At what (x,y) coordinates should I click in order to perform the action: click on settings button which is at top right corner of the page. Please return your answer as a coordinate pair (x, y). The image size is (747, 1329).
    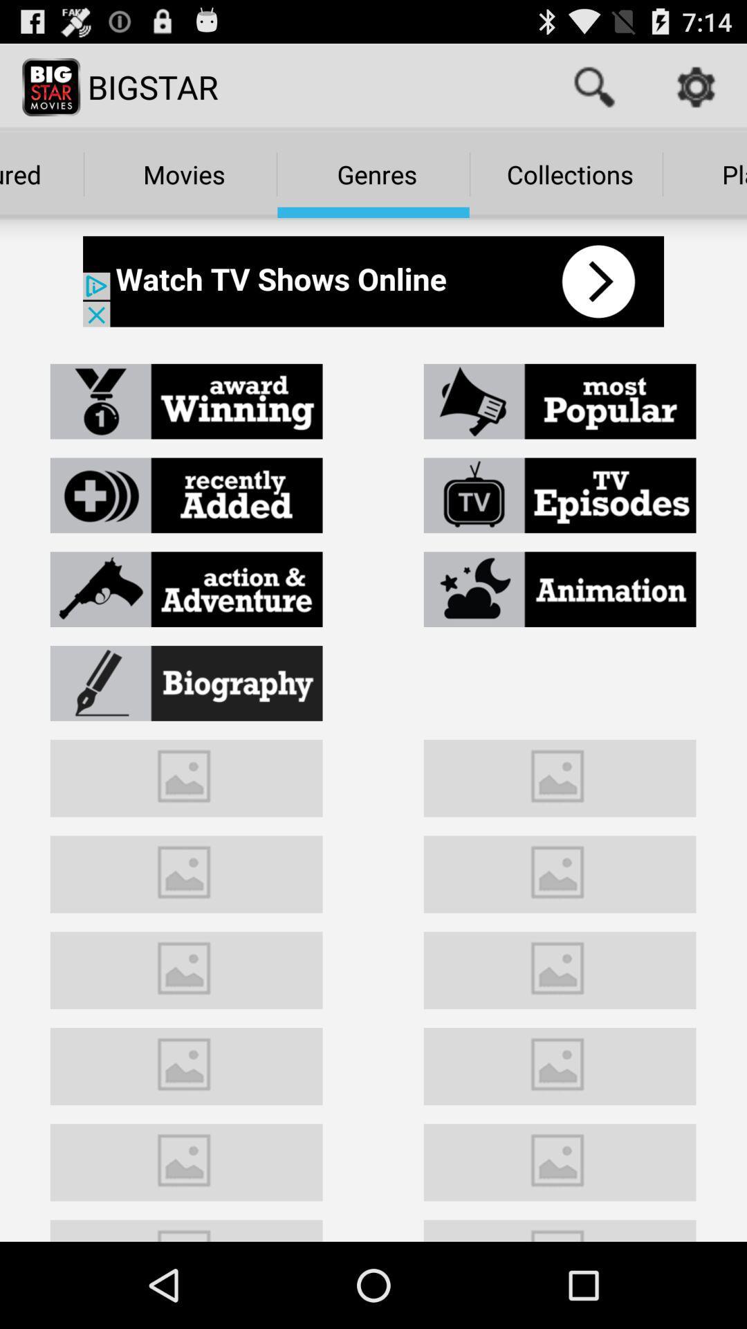
    Looking at the image, I should click on (696, 86).